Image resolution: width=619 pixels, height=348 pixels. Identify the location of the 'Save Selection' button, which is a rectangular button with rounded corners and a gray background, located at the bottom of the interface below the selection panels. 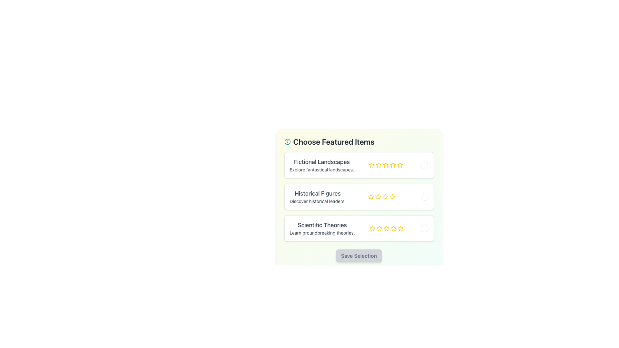
(359, 256).